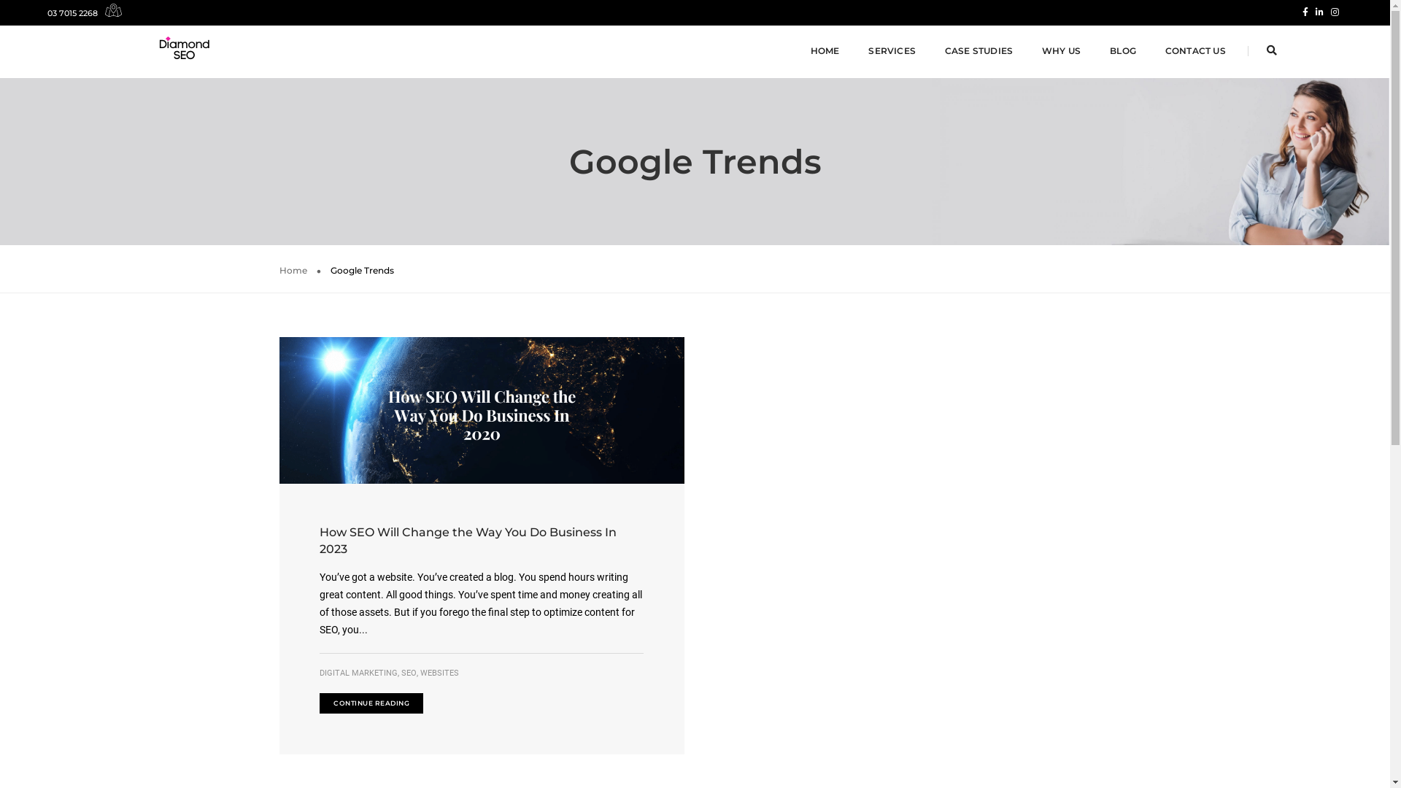 Image resolution: width=1401 pixels, height=788 pixels. What do you see at coordinates (825, 50) in the screenshot?
I see `'HOME'` at bounding box center [825, 50].